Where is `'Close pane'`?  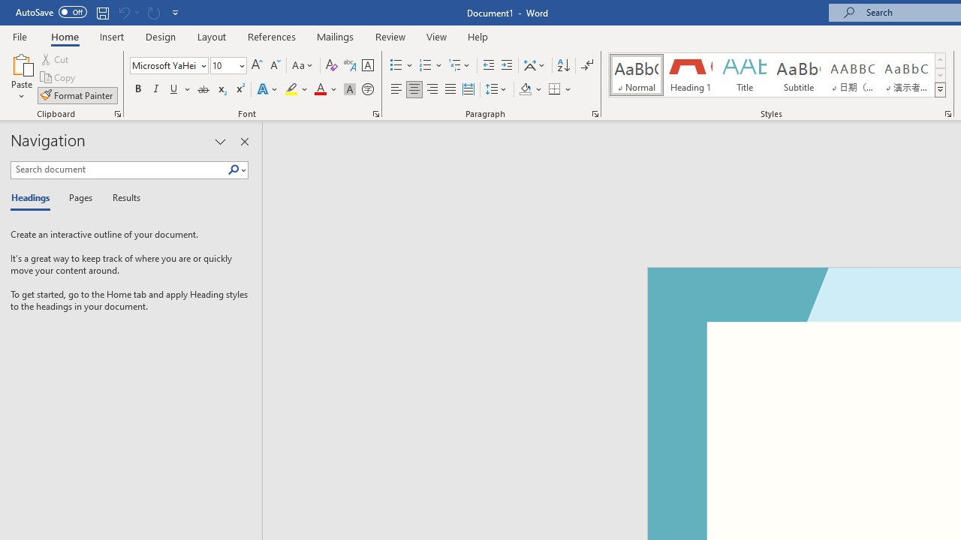 'Close pane' is located at coordinates (244, 142).